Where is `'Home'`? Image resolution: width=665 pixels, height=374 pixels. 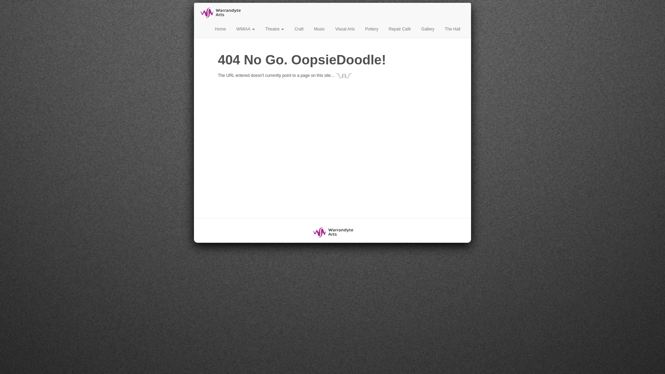
'Home' is located at coordinates (220, 29).